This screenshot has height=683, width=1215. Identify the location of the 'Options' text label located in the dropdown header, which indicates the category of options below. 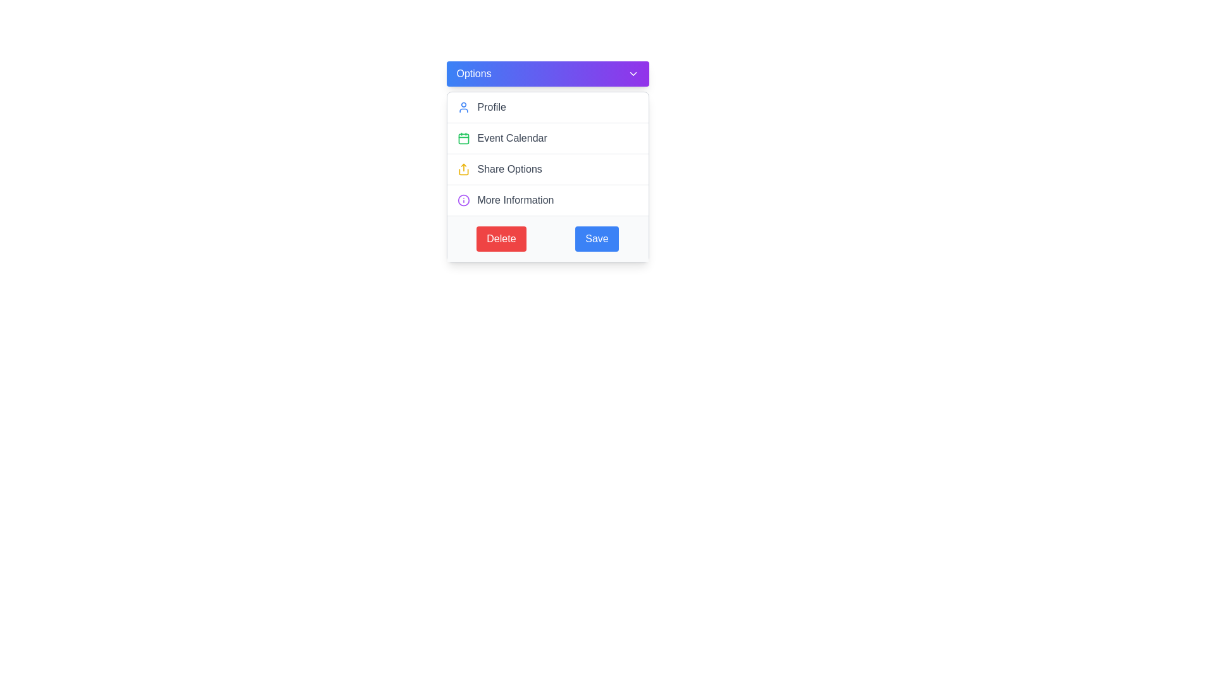
(473, 73).